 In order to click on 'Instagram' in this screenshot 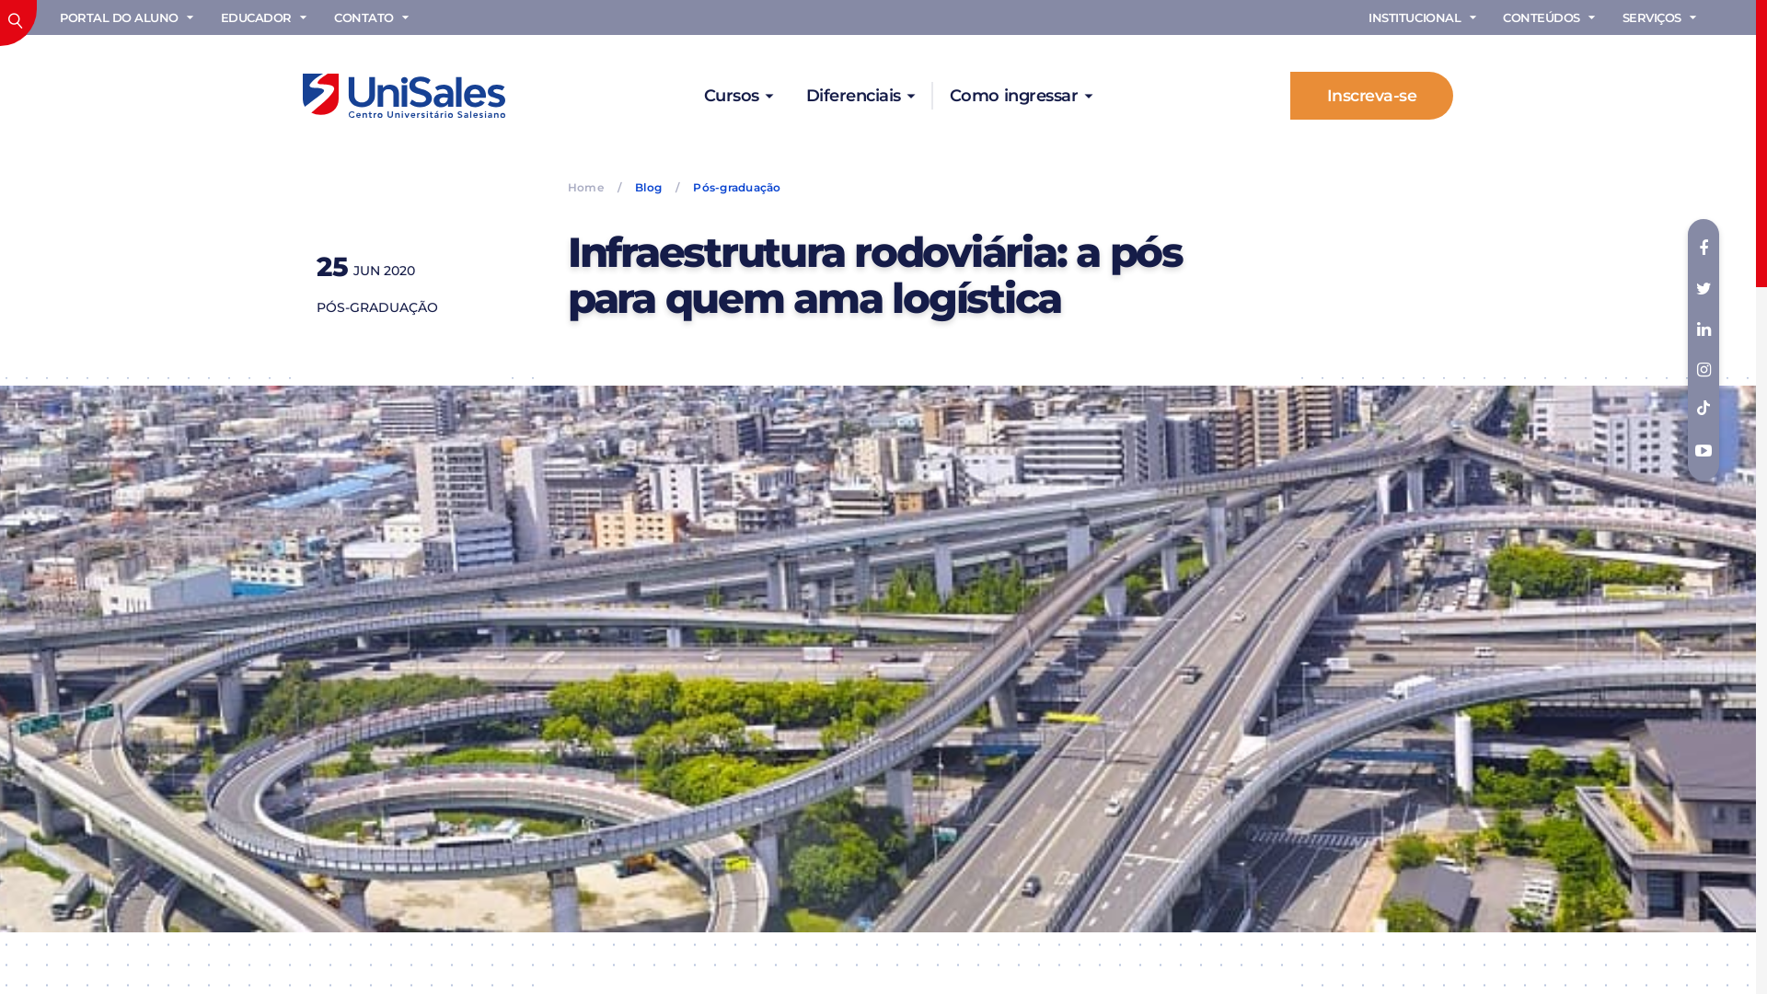, I will do `click(1703, 369)`.